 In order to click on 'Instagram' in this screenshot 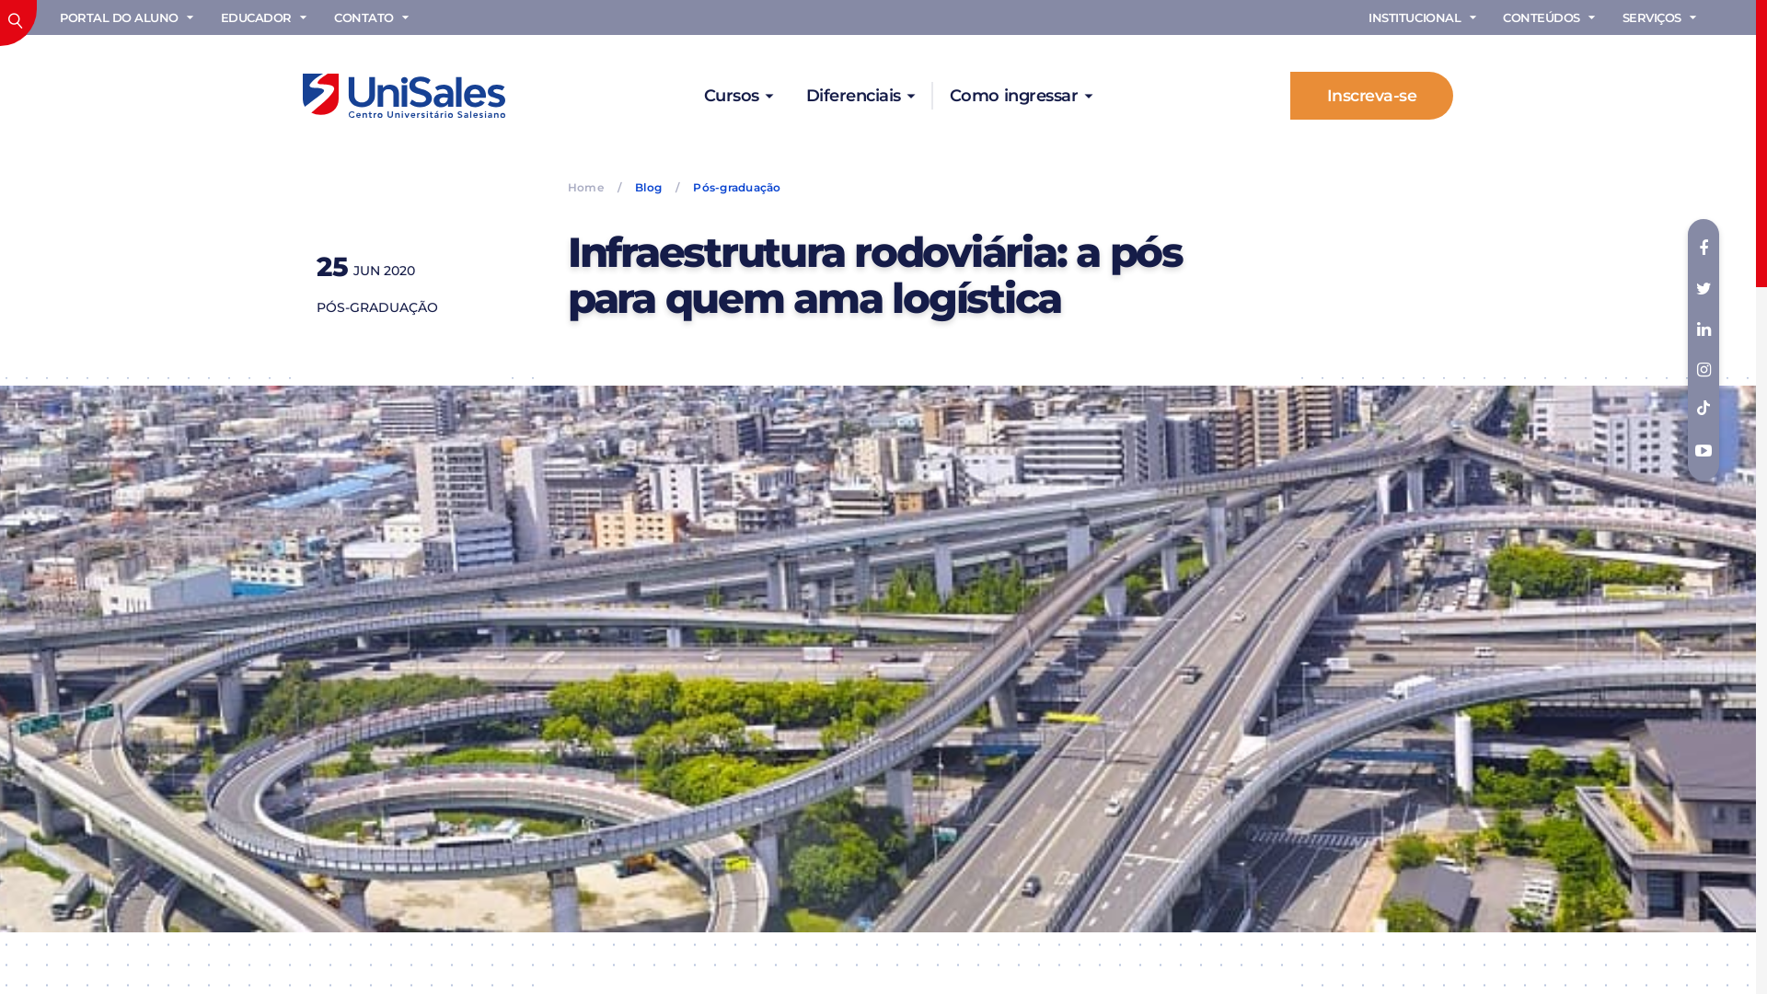, I will do `click(1703, 369)`.